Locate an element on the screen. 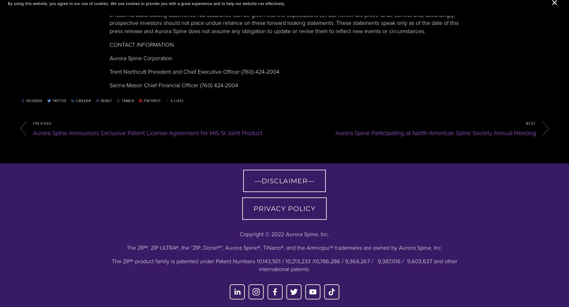 The image size is (569, 307). 'Sarina Mason
Chief Financial Officer
(760) 424-2004' is located at coordinates (173, 85).